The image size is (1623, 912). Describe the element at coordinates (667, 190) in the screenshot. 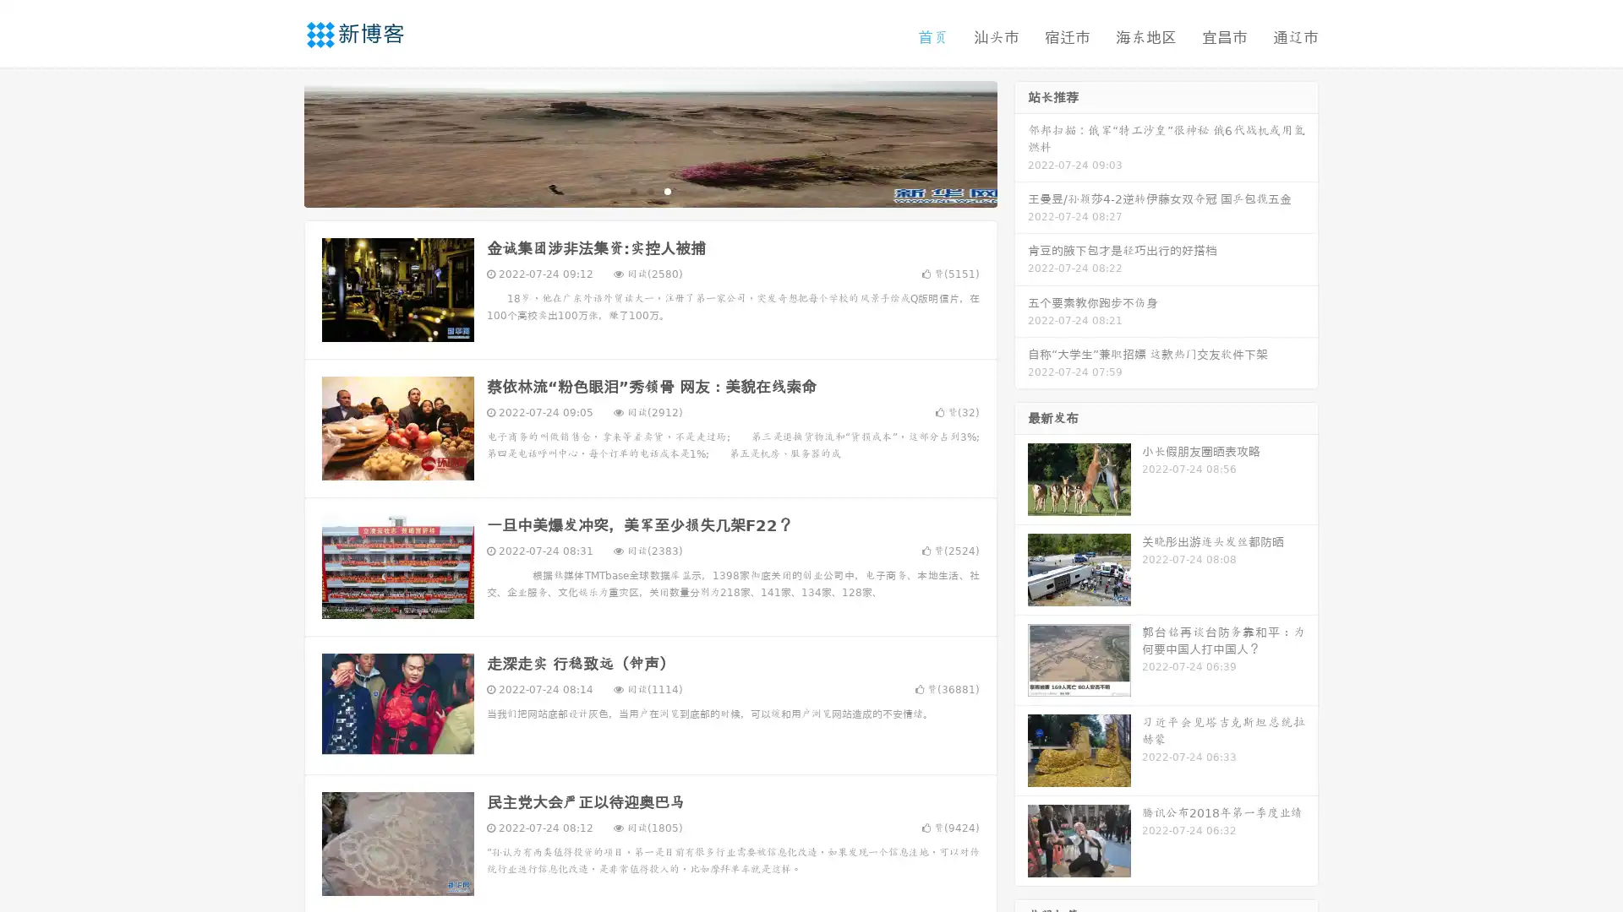

I see `Go to slide 3` at that location.